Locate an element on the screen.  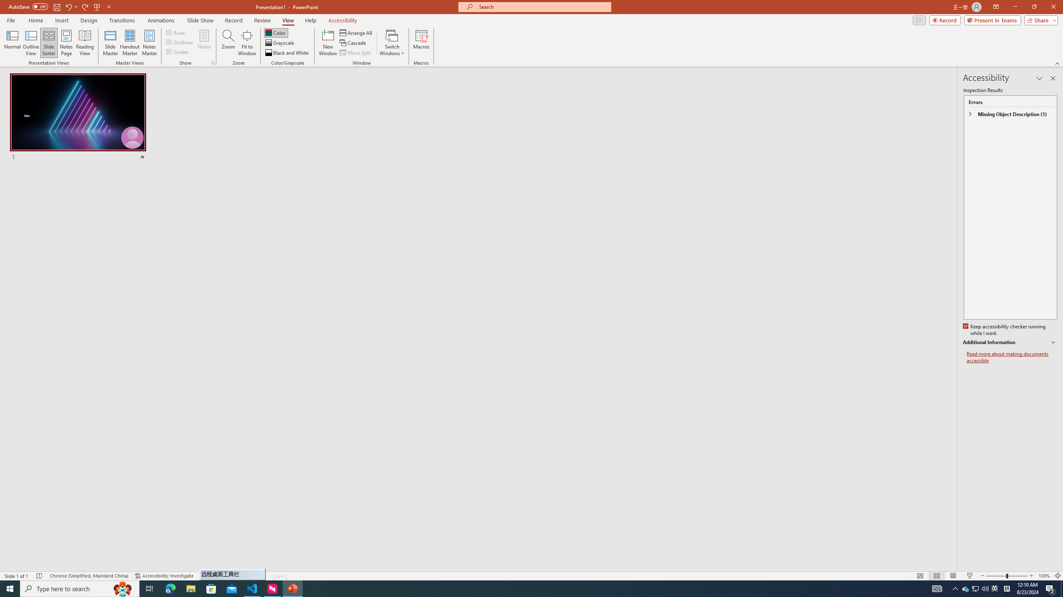
'Slide Master' is located at coordinates (110, 43).